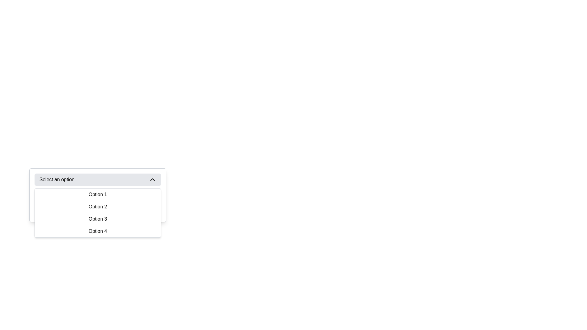 The height and width of the screenshot is (330, 587). I want to click on the first selectable item in the dropdown menu labeled 'Select an option', so click(98, 194).